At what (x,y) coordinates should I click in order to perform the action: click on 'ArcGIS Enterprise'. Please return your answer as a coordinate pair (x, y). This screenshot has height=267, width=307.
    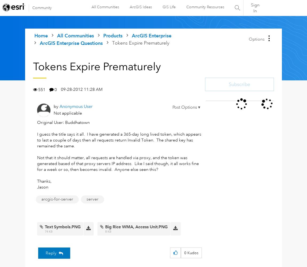
    Looking at the image, I should click on (132, 36).